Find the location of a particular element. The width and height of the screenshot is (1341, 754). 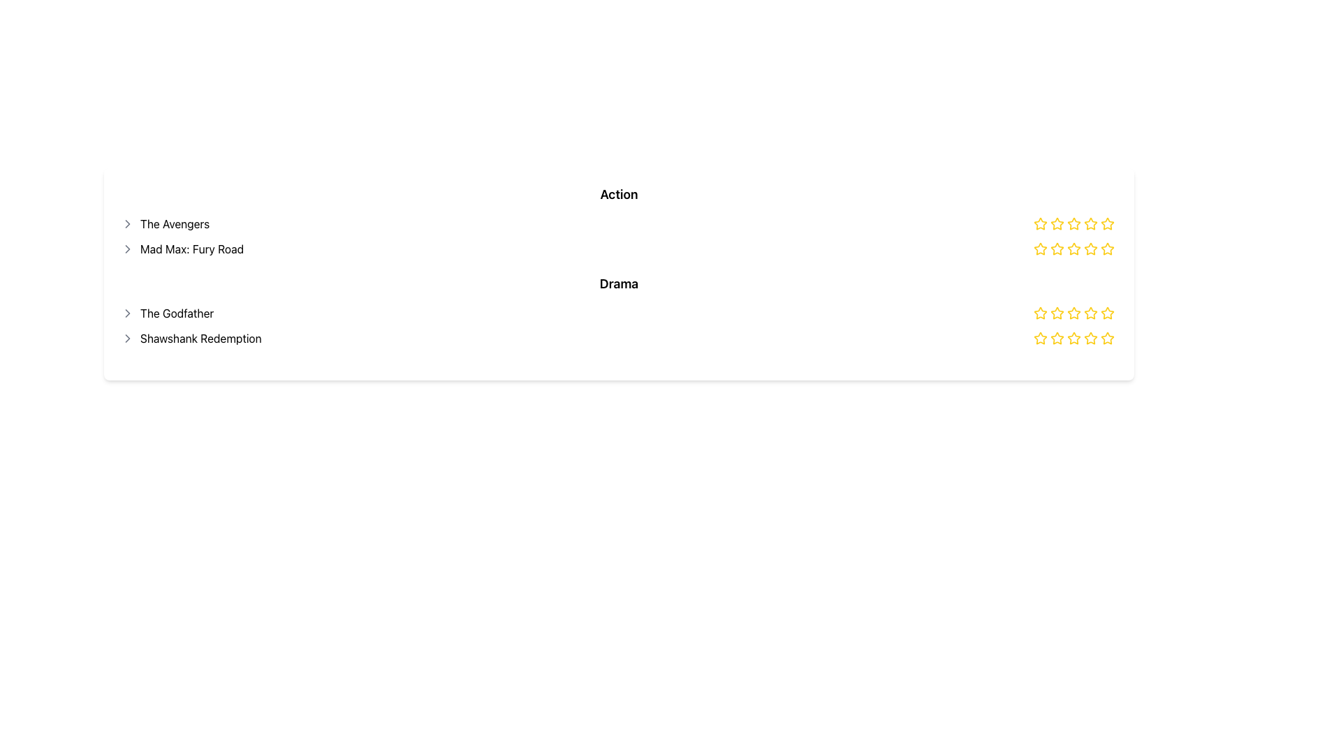

the chevron icon located to the left of the text 'The Godfather' is located at coordinates (127, 312).